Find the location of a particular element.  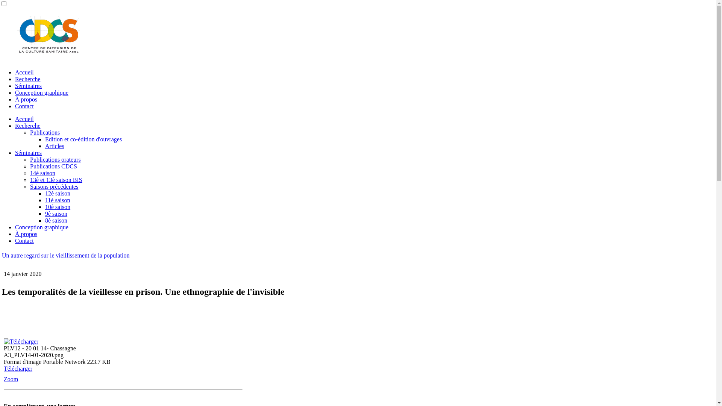

'Un autre regard sur le vieillissement de la population' is located at coordinates (65, 255).